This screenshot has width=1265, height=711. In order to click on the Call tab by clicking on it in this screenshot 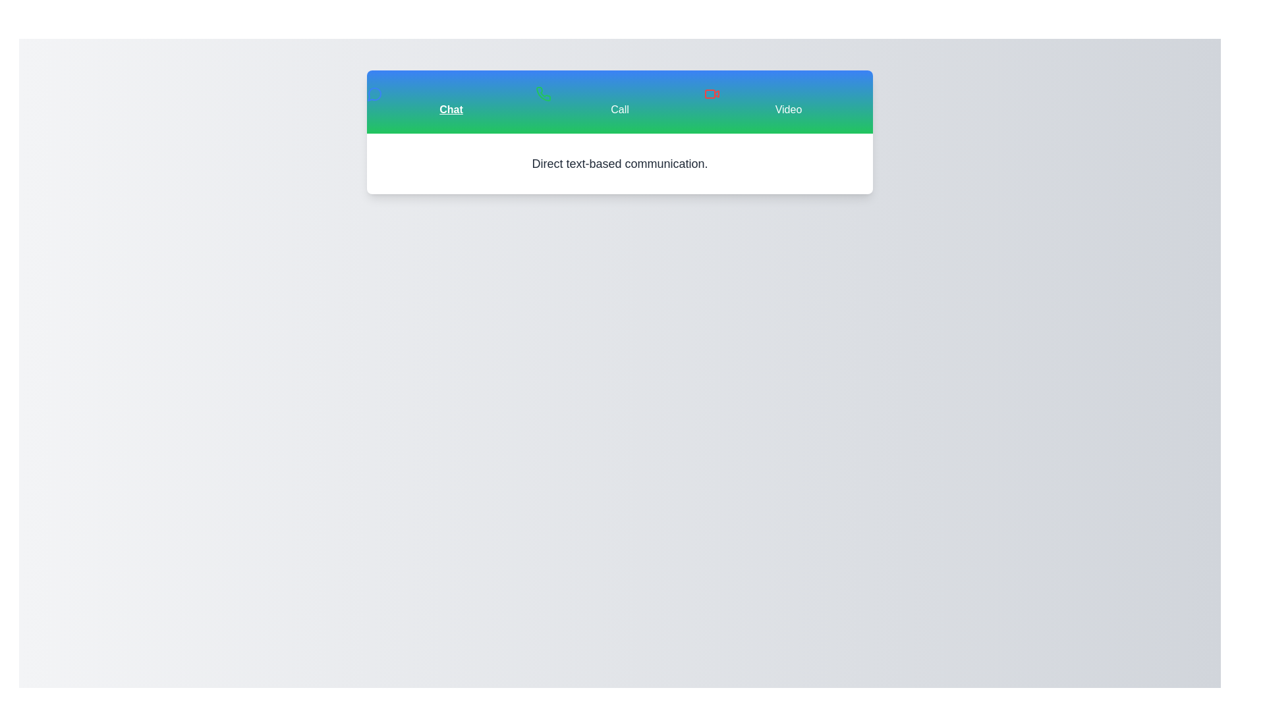, I will do `click(619, 101)`.